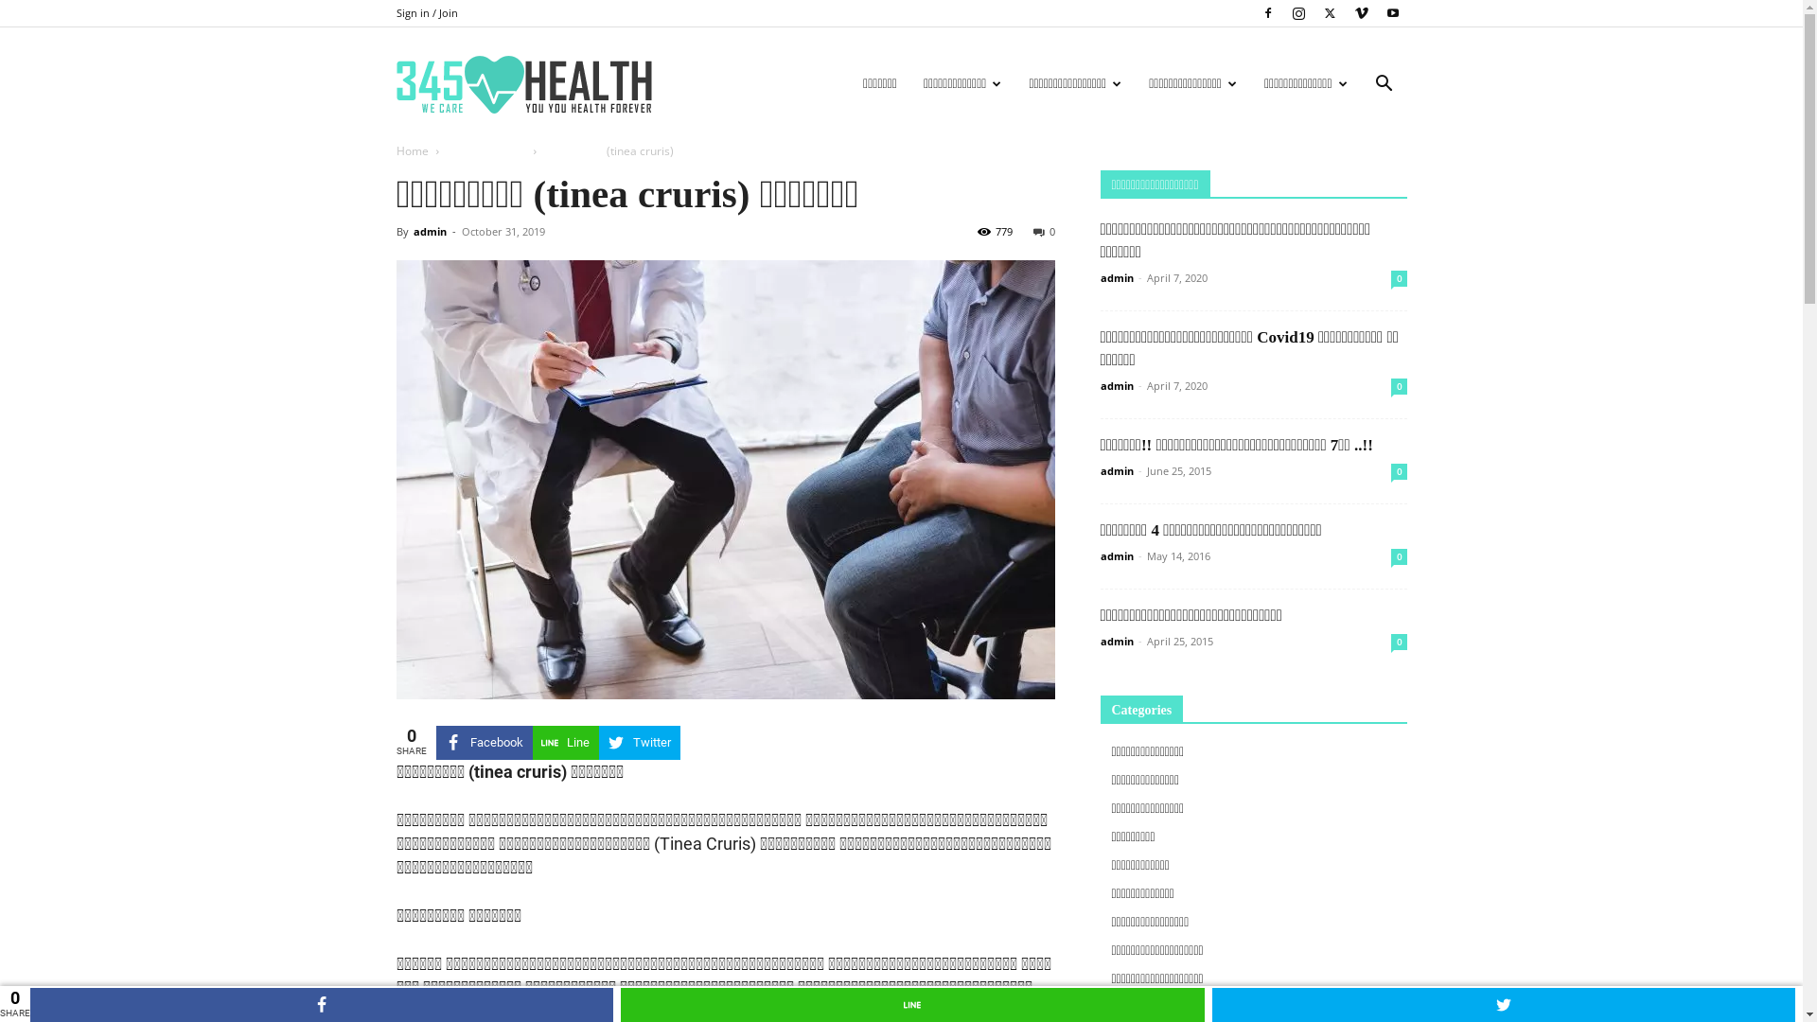 Image resolution: width=1817 pixels, height=1022 pixels. I want to click on 'Vimeo', so click(1361, 13).